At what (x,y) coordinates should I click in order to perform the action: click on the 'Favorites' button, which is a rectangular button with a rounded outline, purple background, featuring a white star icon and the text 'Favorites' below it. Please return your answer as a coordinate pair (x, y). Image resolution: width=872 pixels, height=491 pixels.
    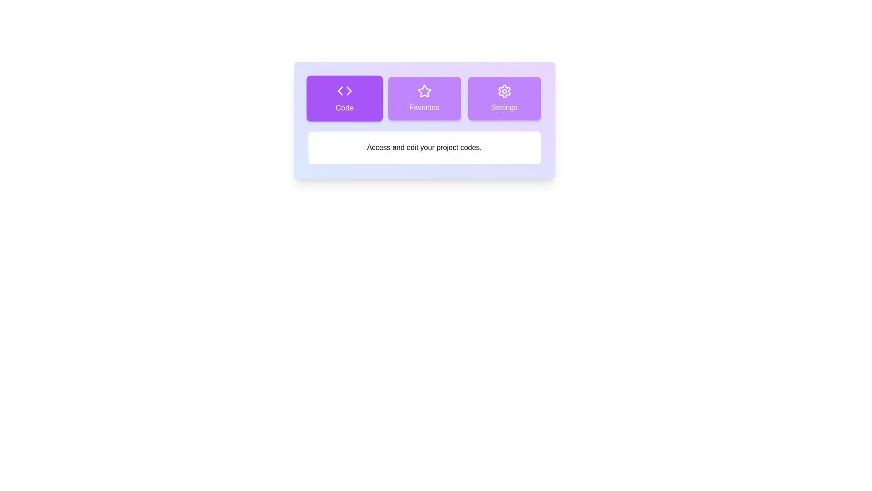
    Looking at the image, I should click on (424, 98).